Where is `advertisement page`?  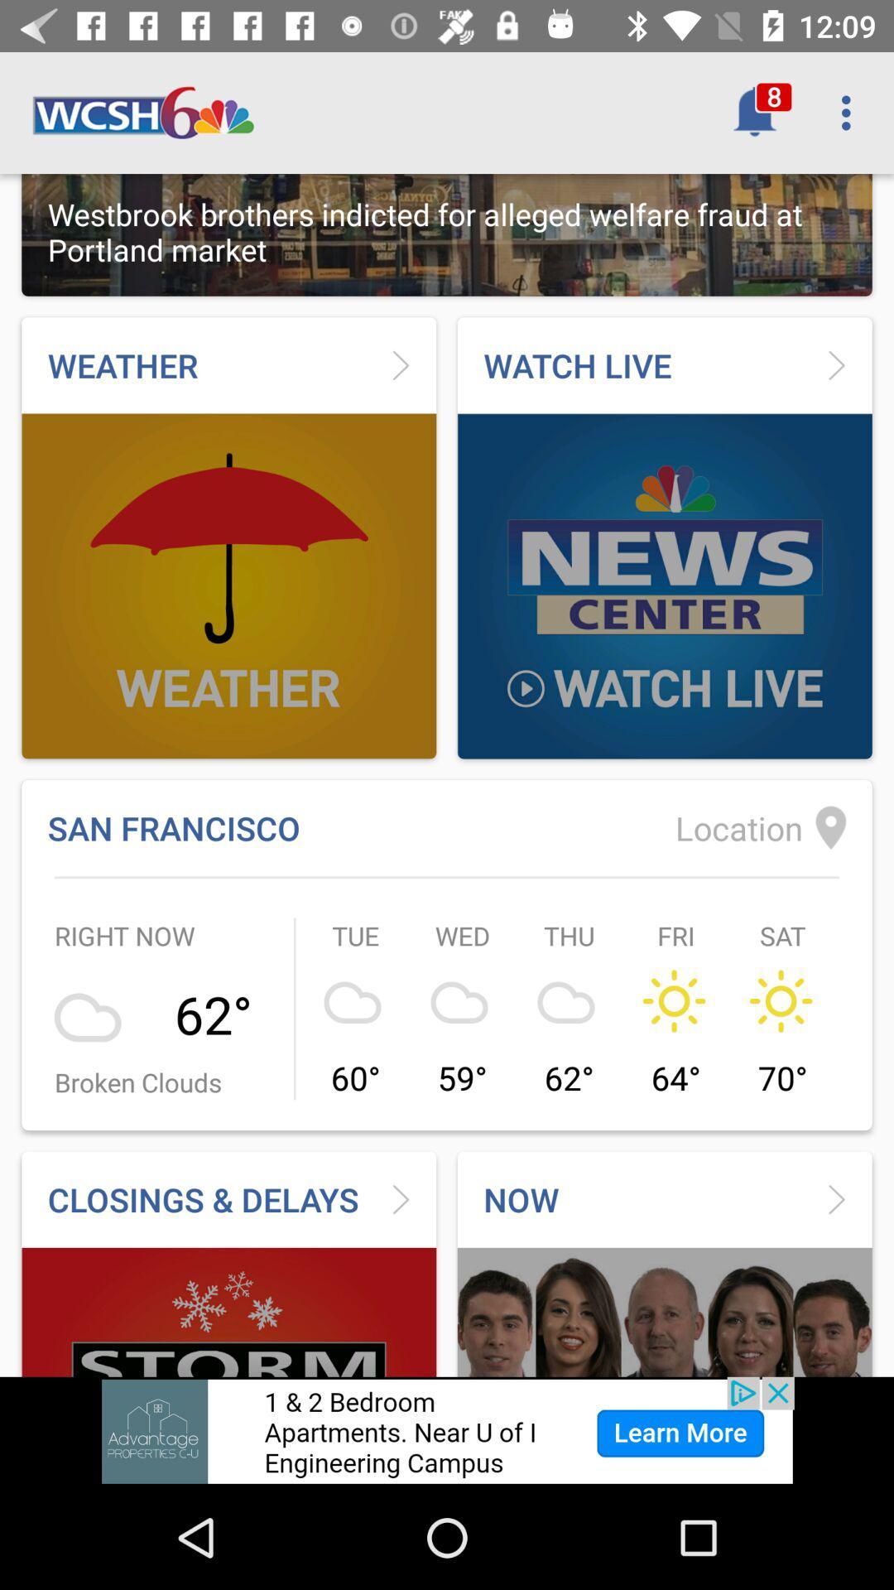 advertisement page is located at coordinates (447, 1430).